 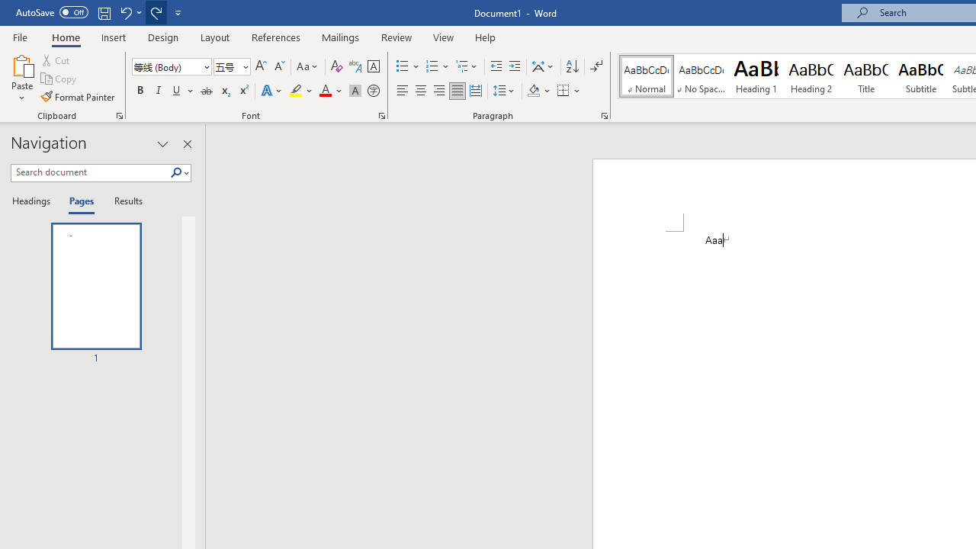 What do you see at coordinates (396, 37) in the screenshot?
I see `'Review'` at bounding box center [396, 37].